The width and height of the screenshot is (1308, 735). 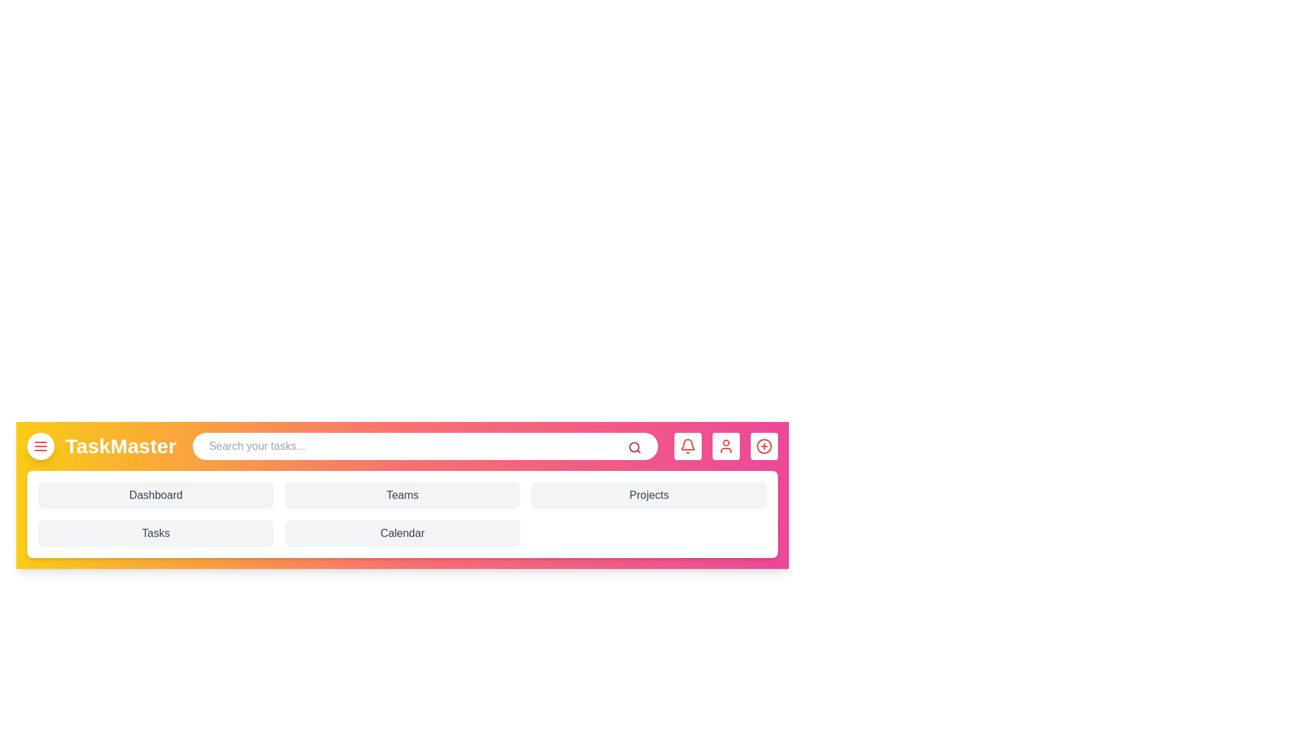 I want to click on the 'Projects' button to navigate to the Projects section, so click(x=649, y=495).